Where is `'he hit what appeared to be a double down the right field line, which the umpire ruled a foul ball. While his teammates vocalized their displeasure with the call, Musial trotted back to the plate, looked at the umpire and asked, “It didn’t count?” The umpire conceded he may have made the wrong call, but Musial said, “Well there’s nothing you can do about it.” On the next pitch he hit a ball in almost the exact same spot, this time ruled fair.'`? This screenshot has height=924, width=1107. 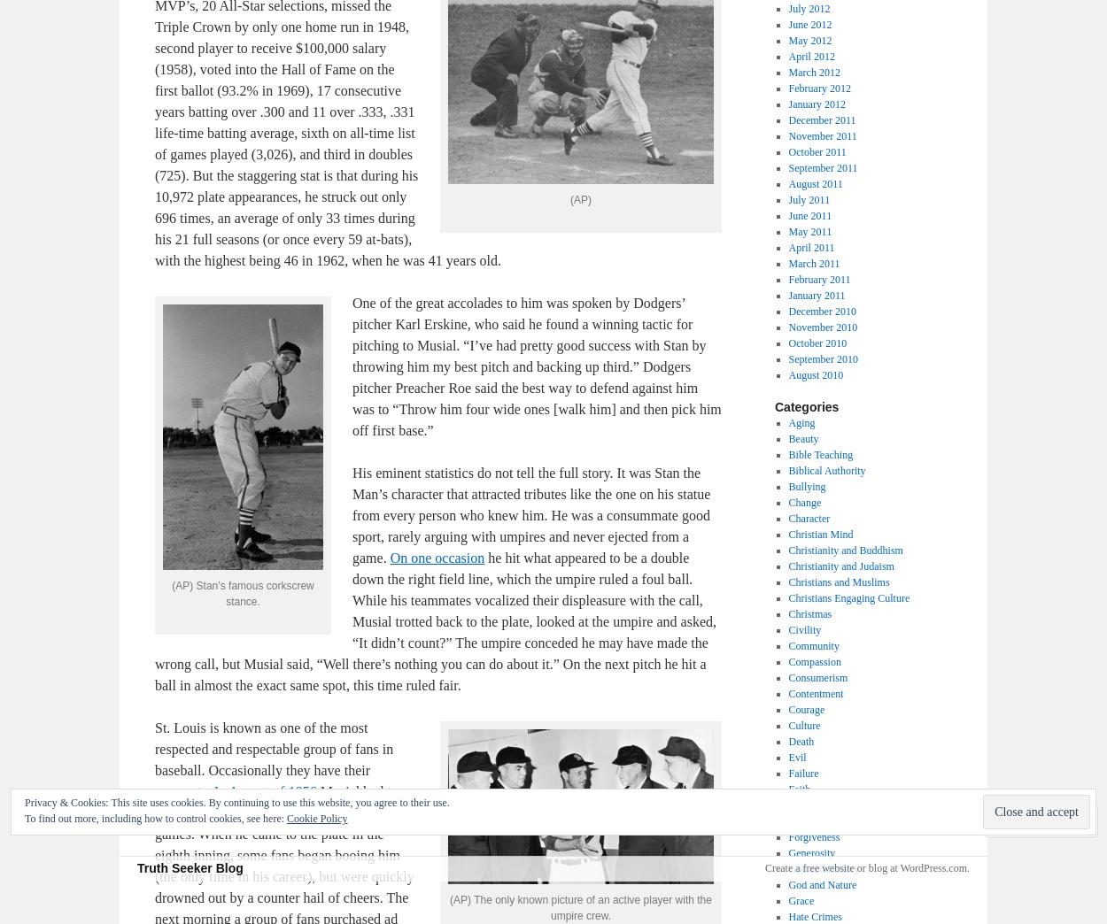
'he hit what appeared to be a double down the right field line, which the umpire ruled a foul ball. While his teammates vocalized their displeasure with the call, Musial trotted back to the plate, looked at the umpire and asked, “It didn’t count?” The umpire conceded he may have made the wrong call, but Musial said, “Well there’s nothing you can do about it.” On the next pitch he hit a ball in almost the exact same spot, this time ruled fair.' is located at coordinates (155, 620).